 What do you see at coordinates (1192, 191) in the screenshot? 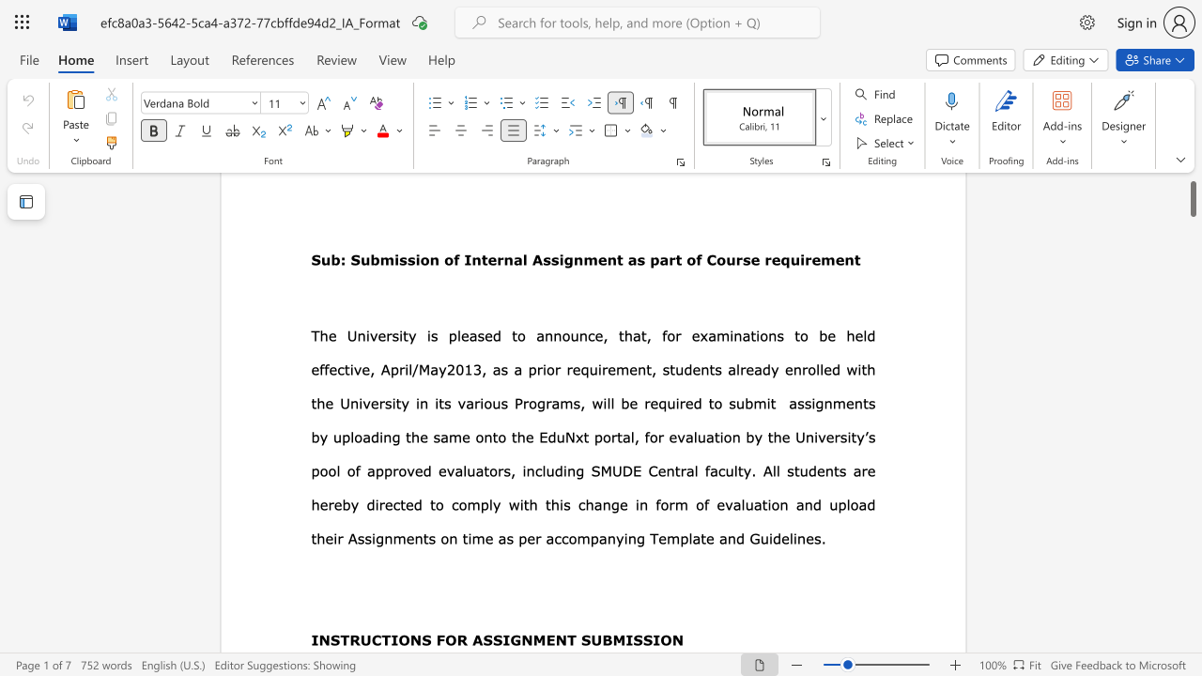
I see `the scrollbar and move down 280 pixels` at bounding box center [1192, 191].